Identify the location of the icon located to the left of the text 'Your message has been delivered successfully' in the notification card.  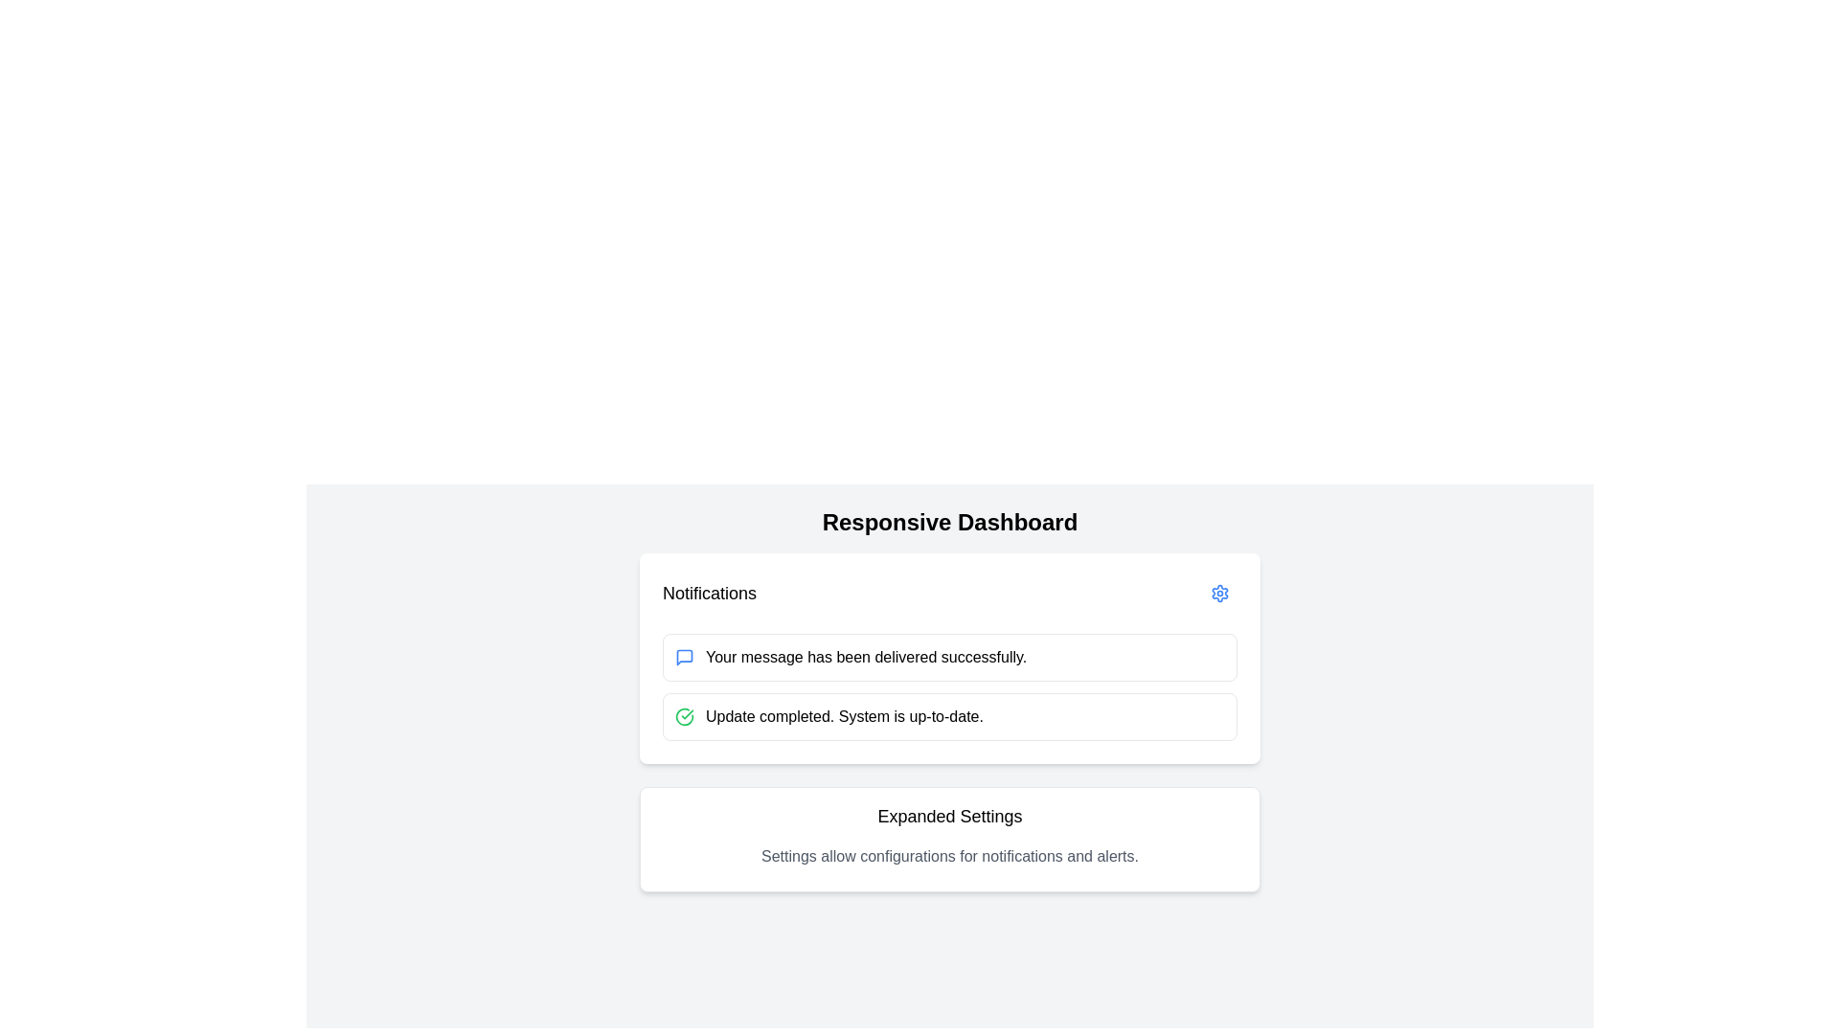
(685, 656).